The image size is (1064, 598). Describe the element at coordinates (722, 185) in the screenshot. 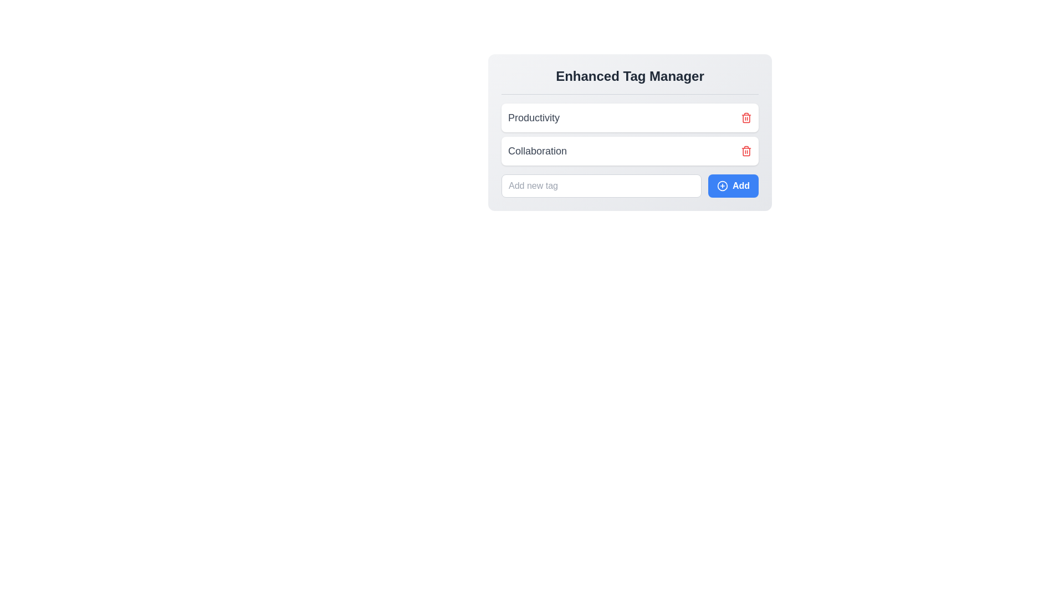

I see `the blue circular icon with a white '+' symbol located on the left side of the 'Add' button in the bottom-right corner of the tag manager interface` at that location.